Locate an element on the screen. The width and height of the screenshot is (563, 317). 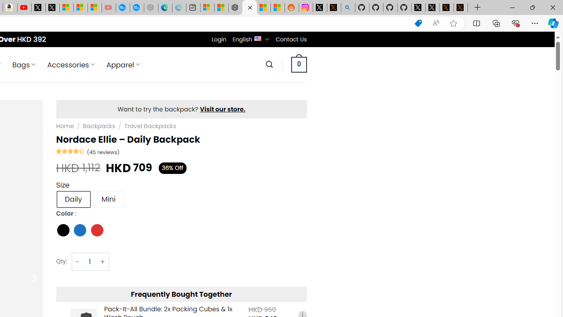
'Travel Backpacks' is located at coordinates (150, 126).